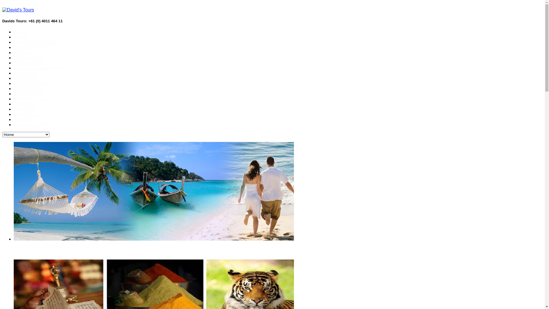  What do you see at coordinates (14, 119) in the screenshot?
I see `'Festivals'` at bounding box center [14, 119].